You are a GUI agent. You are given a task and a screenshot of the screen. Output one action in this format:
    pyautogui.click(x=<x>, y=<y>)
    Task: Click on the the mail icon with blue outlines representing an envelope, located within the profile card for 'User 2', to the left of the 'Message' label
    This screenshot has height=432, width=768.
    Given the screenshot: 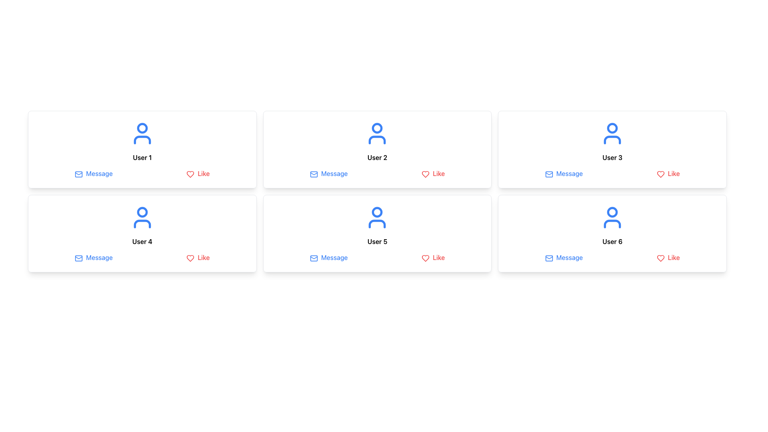 What is the action you would take?
    pyautogui.click(x=313, y=174)
    